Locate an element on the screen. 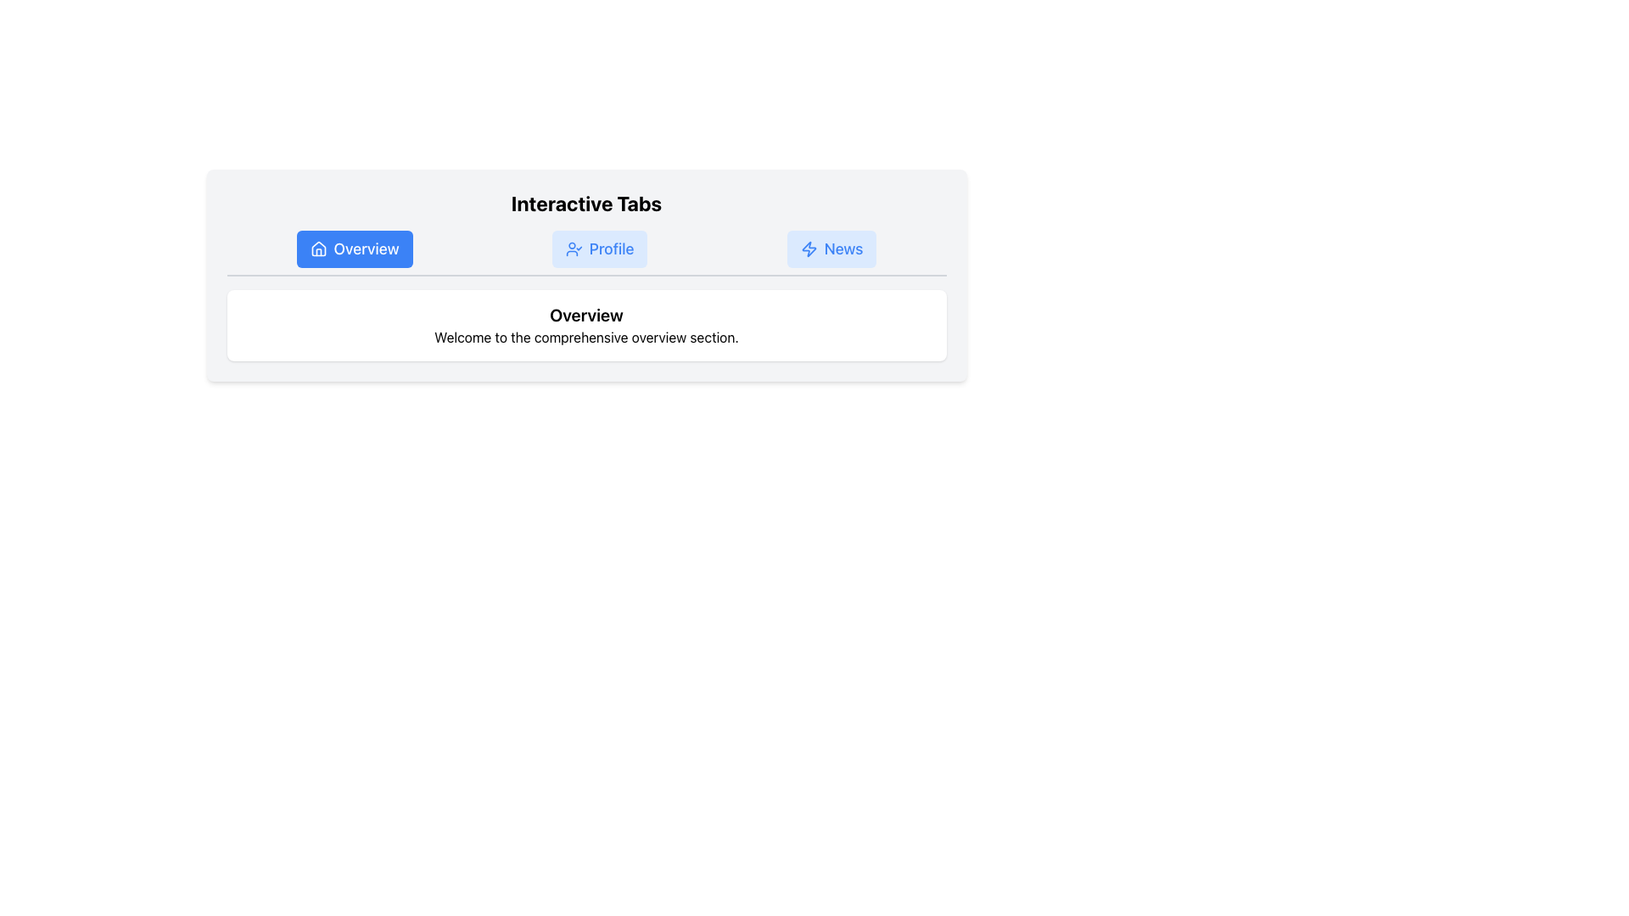  the small blue lightning bolt icon that is located next to the text 'News' in the tab system is located at coordinates (808, 249).